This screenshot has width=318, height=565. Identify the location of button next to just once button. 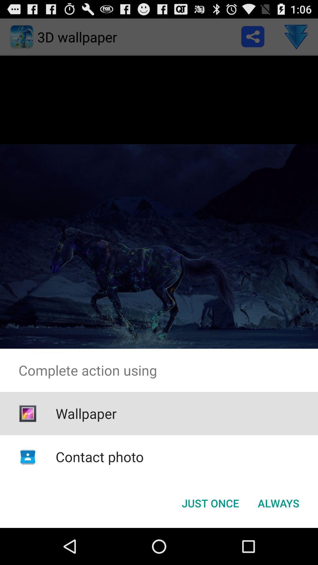
(278, 503).